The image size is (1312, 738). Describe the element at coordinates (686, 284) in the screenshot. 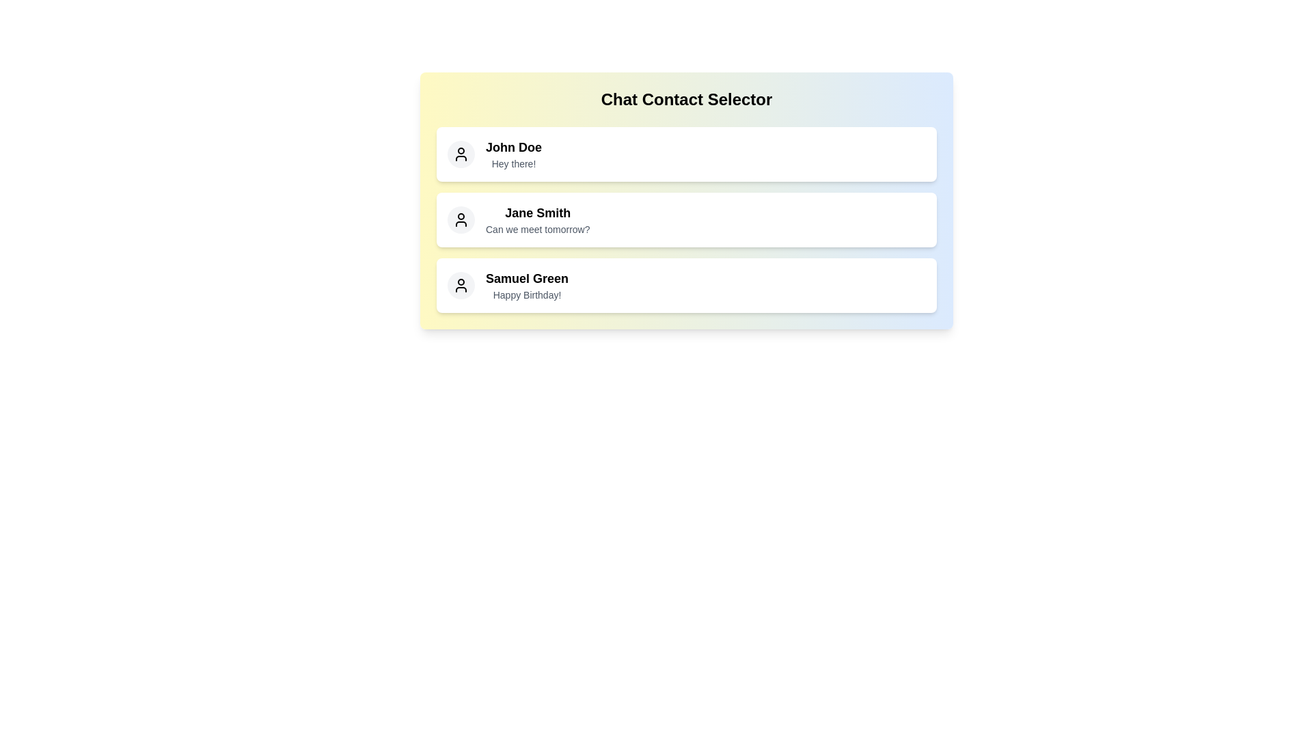

I see `the contact named Samuel Green to select it` at that location.